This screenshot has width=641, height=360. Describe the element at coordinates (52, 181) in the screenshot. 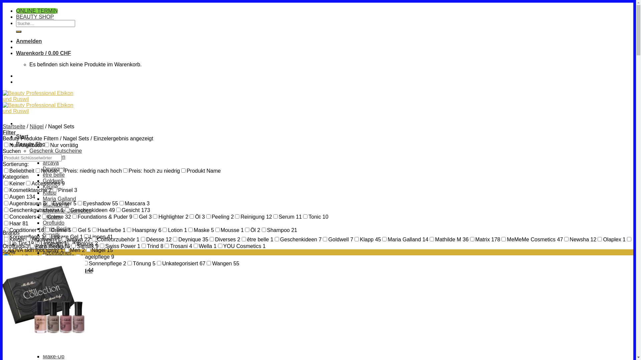

I see `'Goldwell'` at that location.